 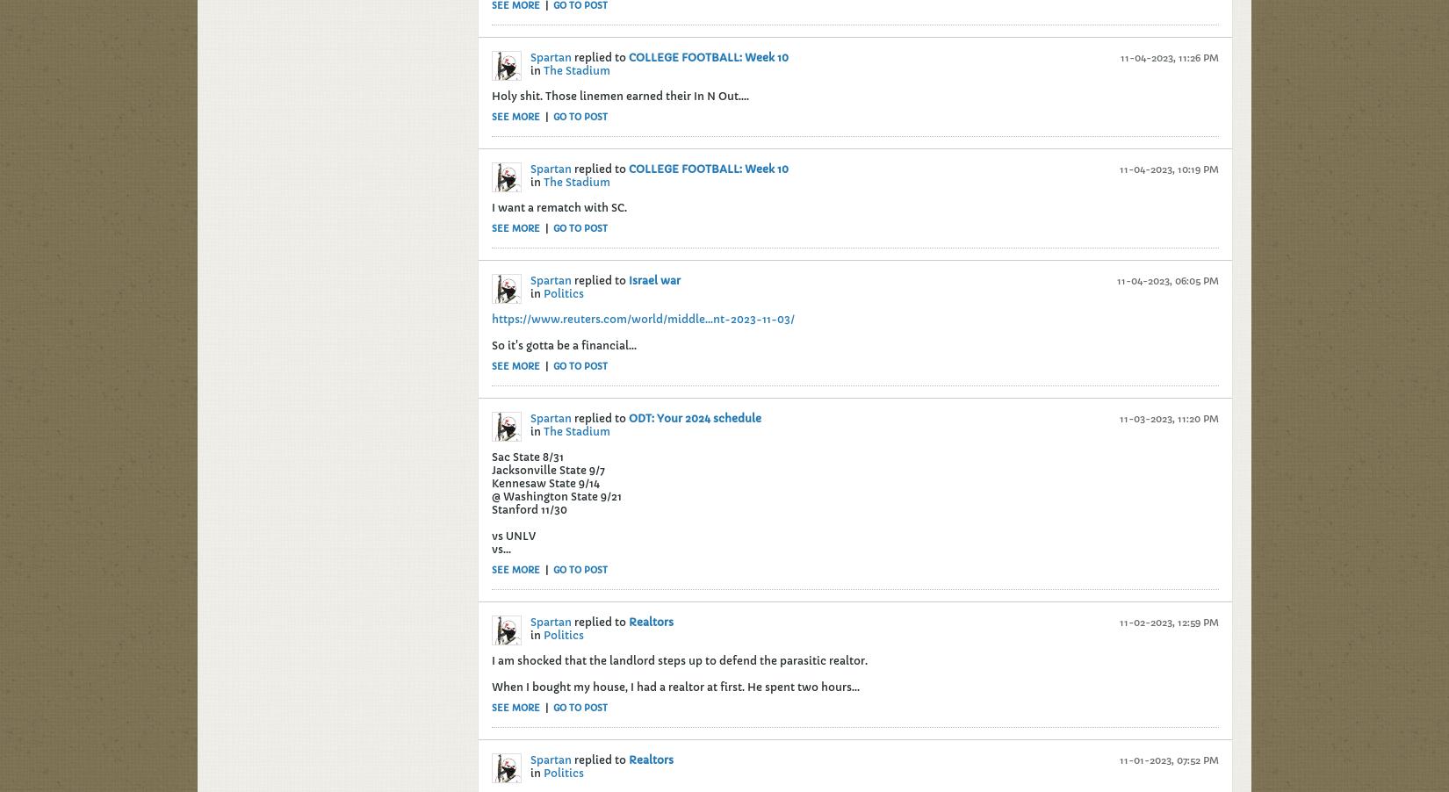 What do you see at coordinates (491, 547) in the screenshot?
I see `'vs...'` at bounding box center [491, 547].